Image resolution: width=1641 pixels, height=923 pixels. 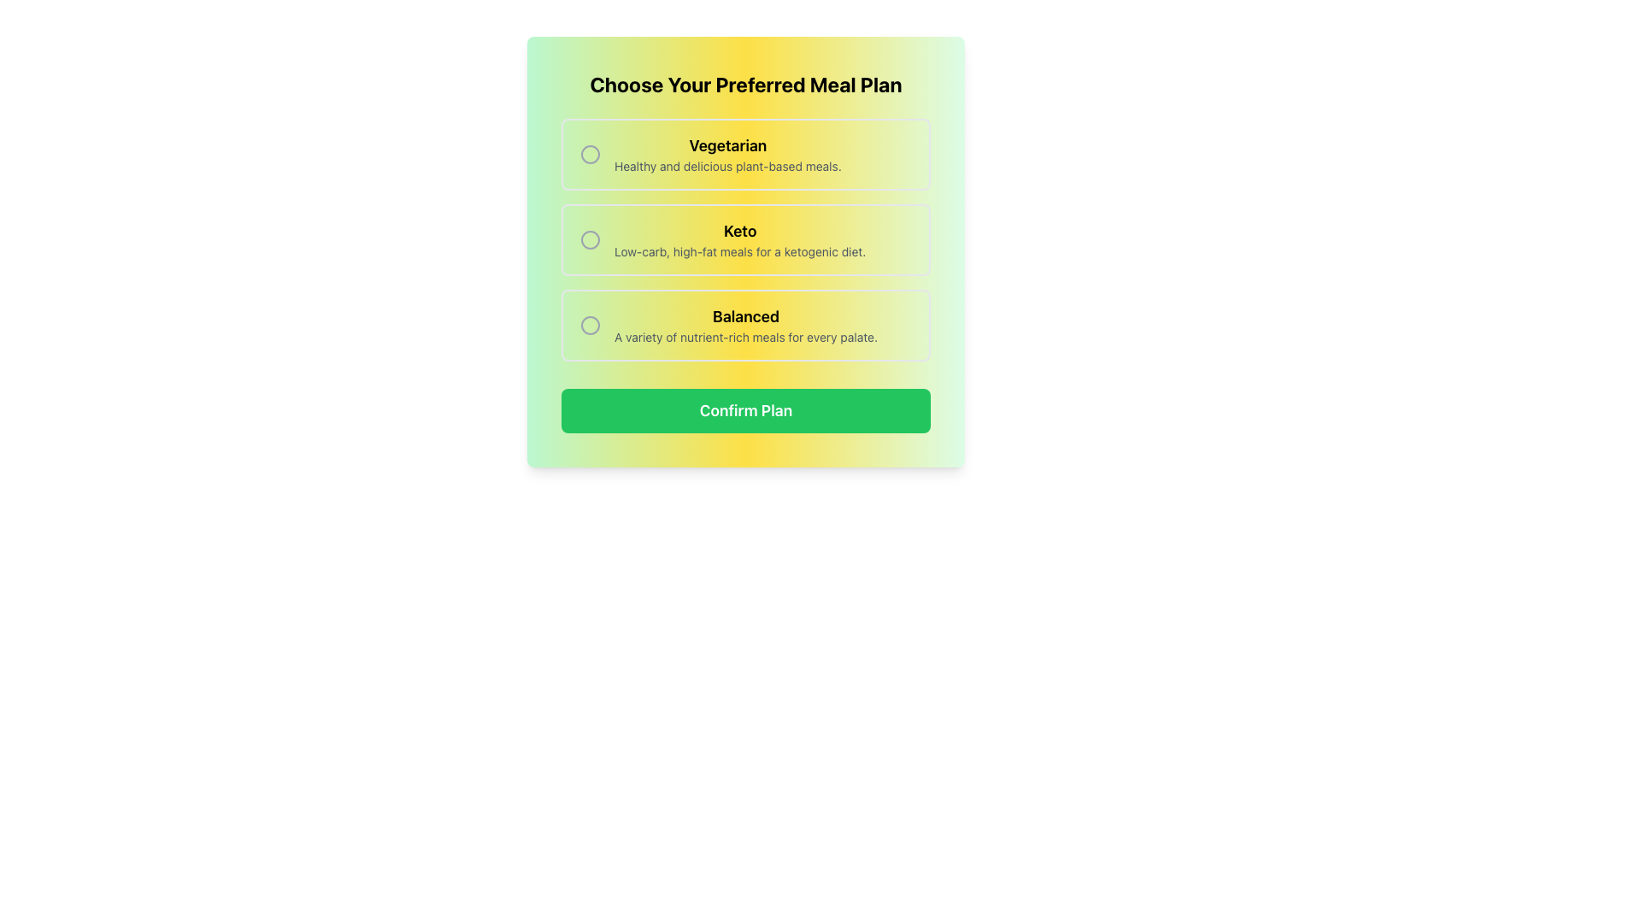 What do you see at coordinates (591, 155) in the screenshot?
I see `the radio button for the Vegetarian meal plan option` at bounding box center [591, 155].